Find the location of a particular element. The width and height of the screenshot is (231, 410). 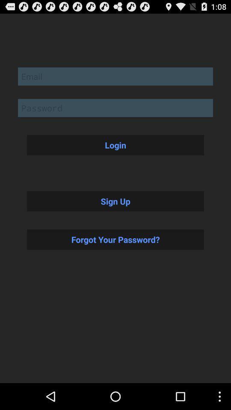

email field is located at coordinates (115, 76).